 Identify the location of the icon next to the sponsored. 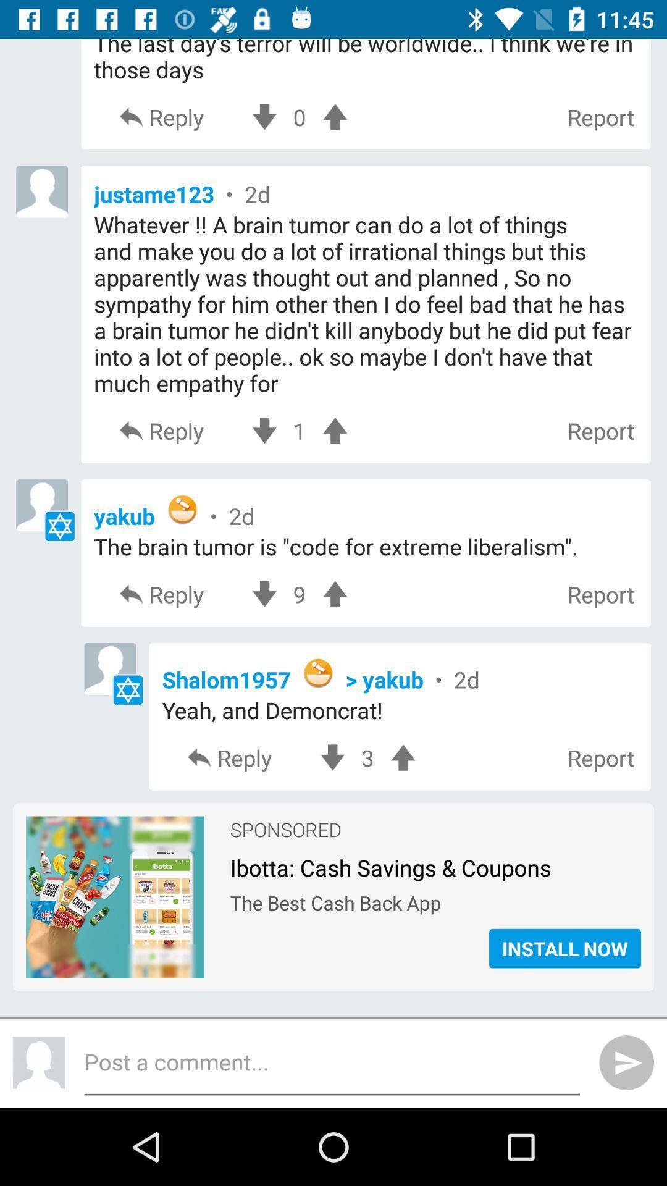
(115, 833).